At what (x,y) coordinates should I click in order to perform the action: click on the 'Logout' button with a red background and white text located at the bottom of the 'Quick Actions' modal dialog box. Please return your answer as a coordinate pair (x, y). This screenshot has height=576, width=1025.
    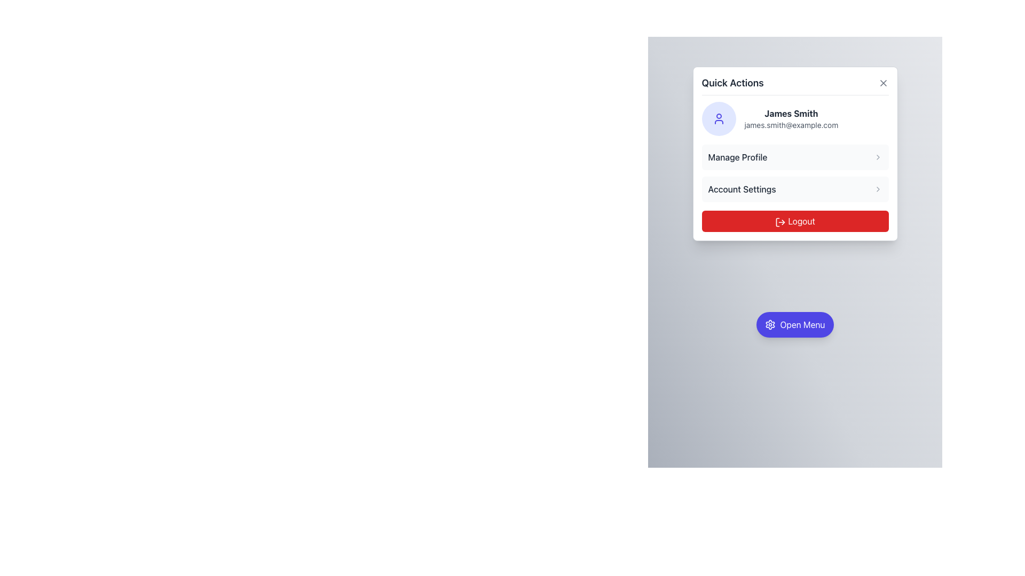
    Looking at the image, I should click on (795, 221).